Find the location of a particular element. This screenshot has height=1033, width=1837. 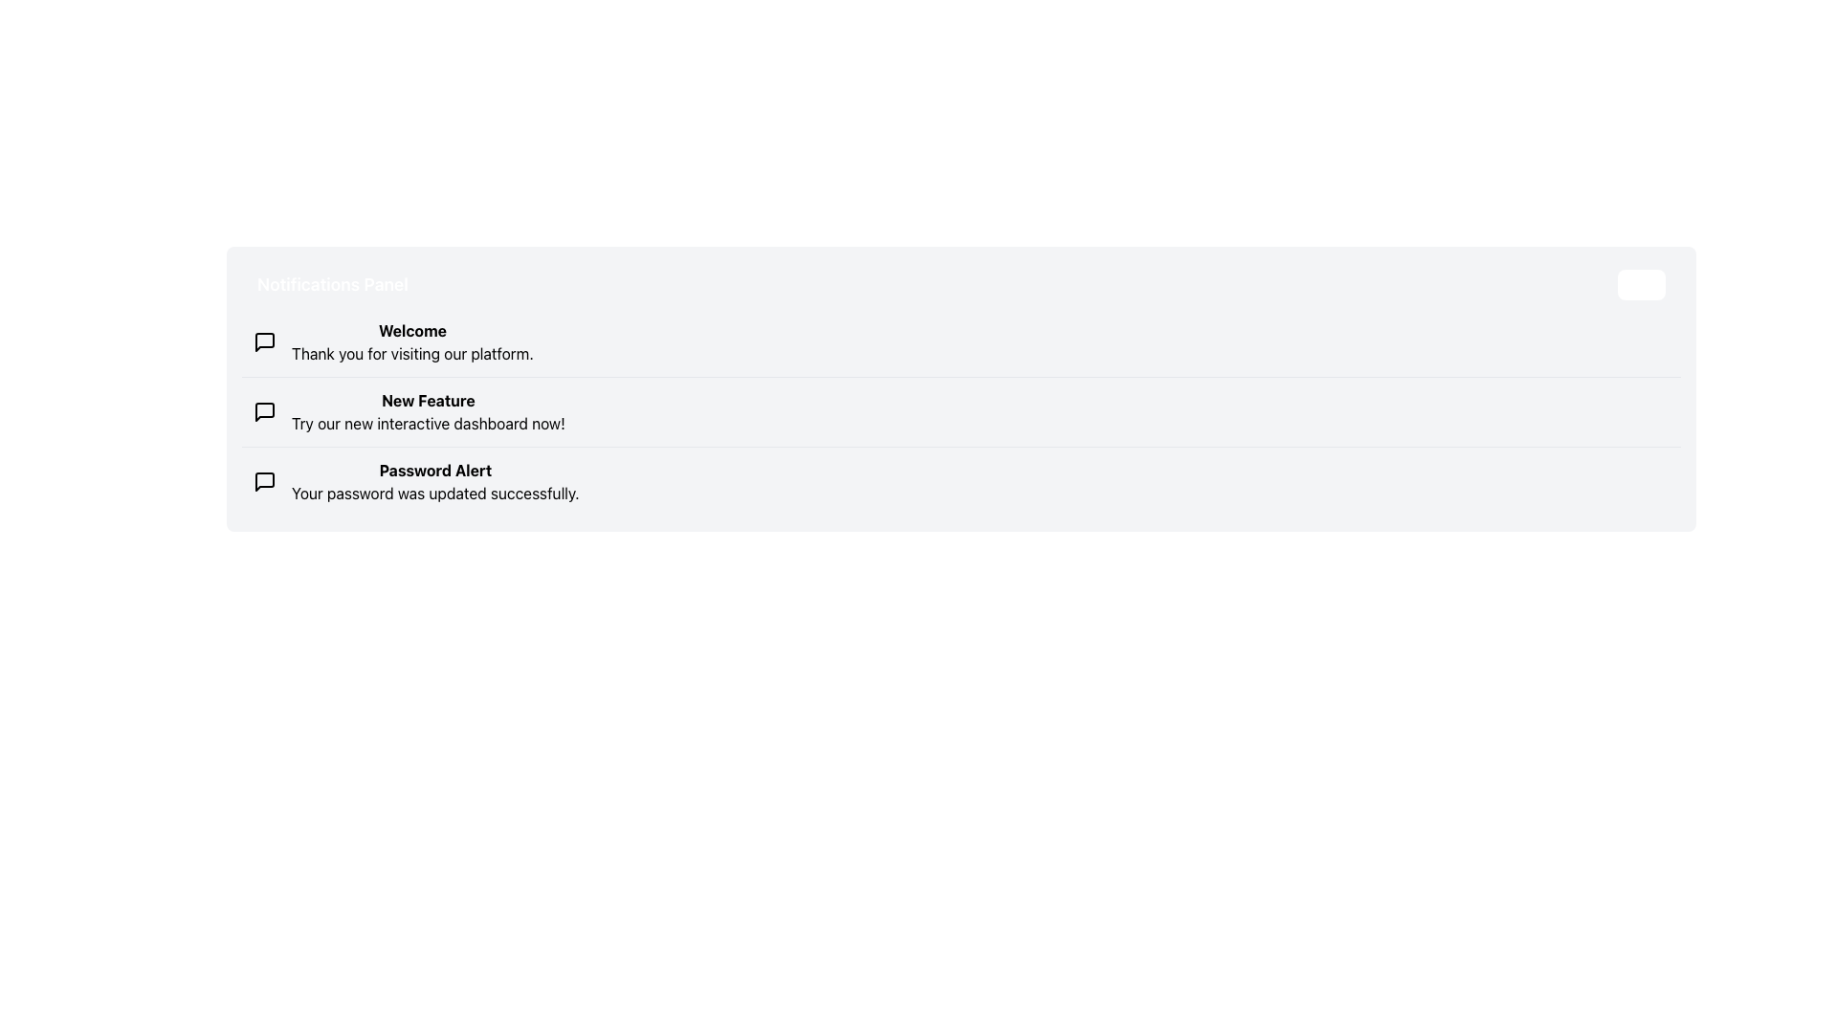

the small message icon with a speech balloon shape, which is styled with a black outline and no fill, located to the left of the 'Password Alert' text is located at coordinates (264, 481).